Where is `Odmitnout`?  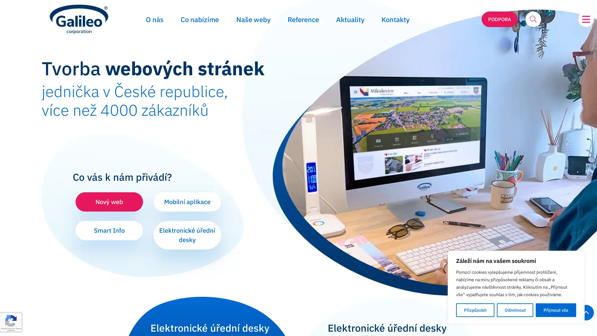
Odmitnout is located at coordinates (515, 310).